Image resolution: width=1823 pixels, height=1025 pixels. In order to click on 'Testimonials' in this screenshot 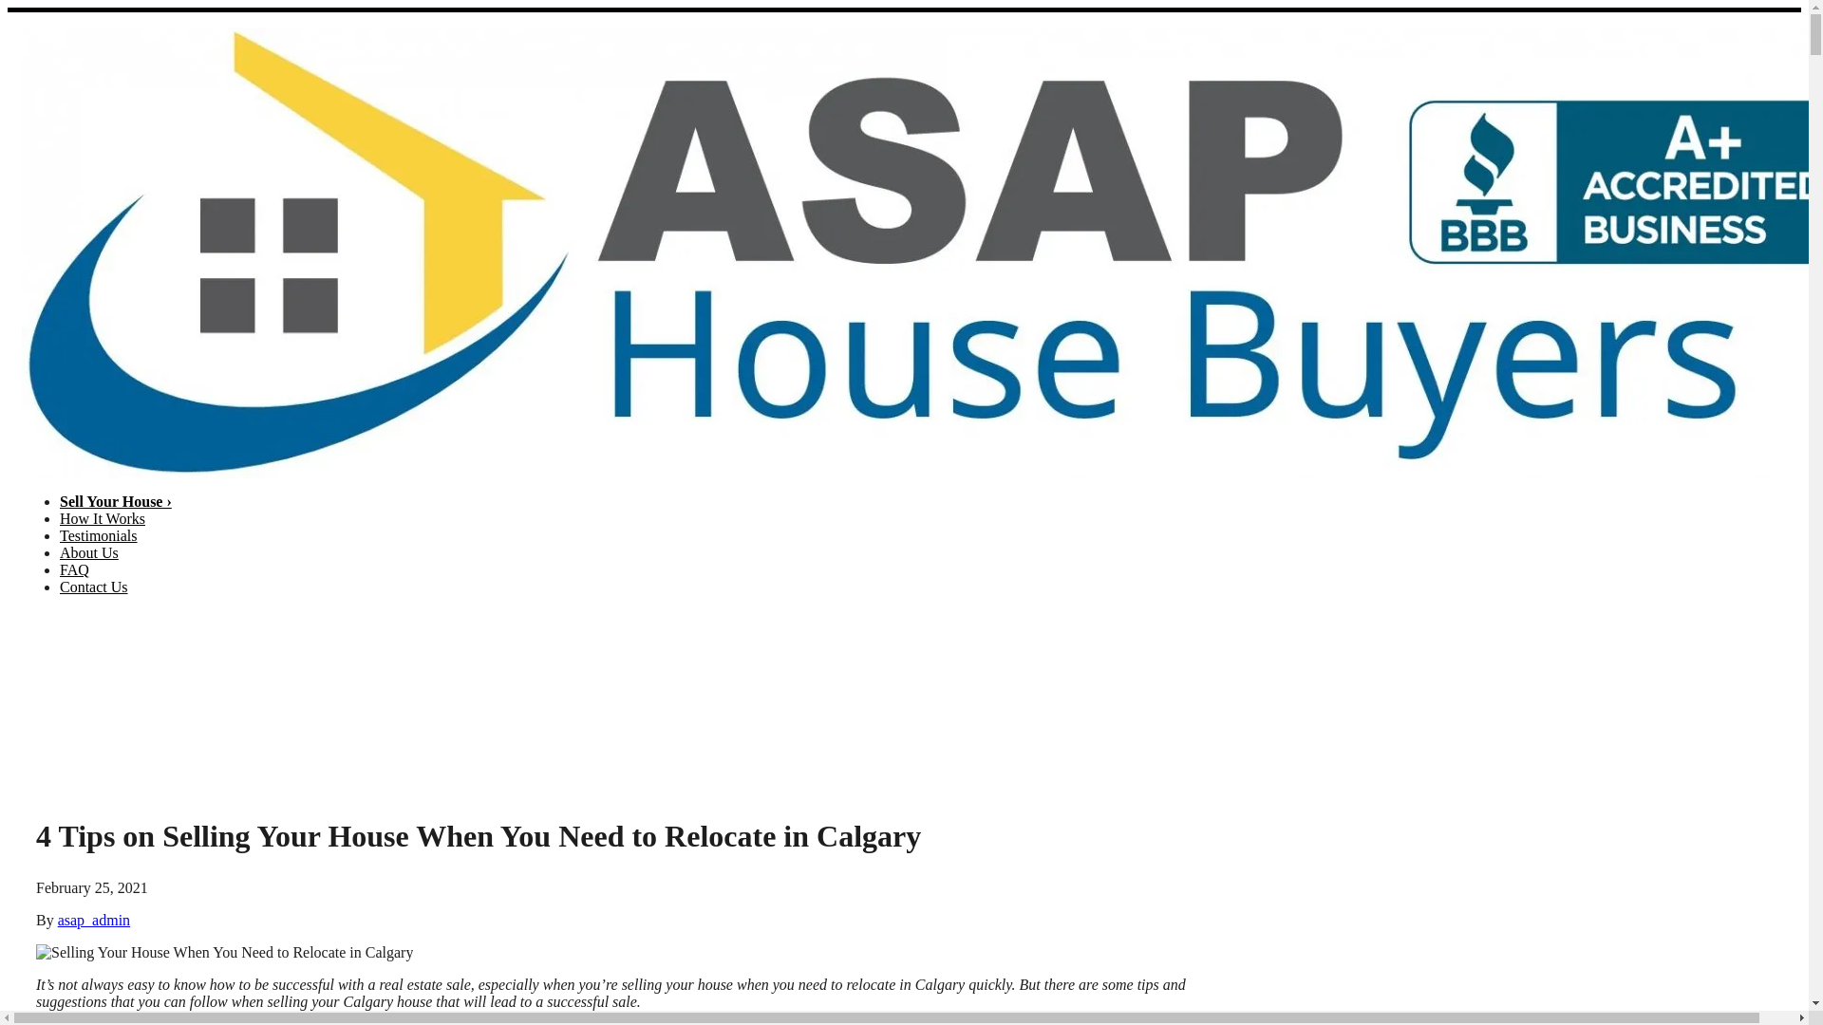, I will do `click(98, 535)`.